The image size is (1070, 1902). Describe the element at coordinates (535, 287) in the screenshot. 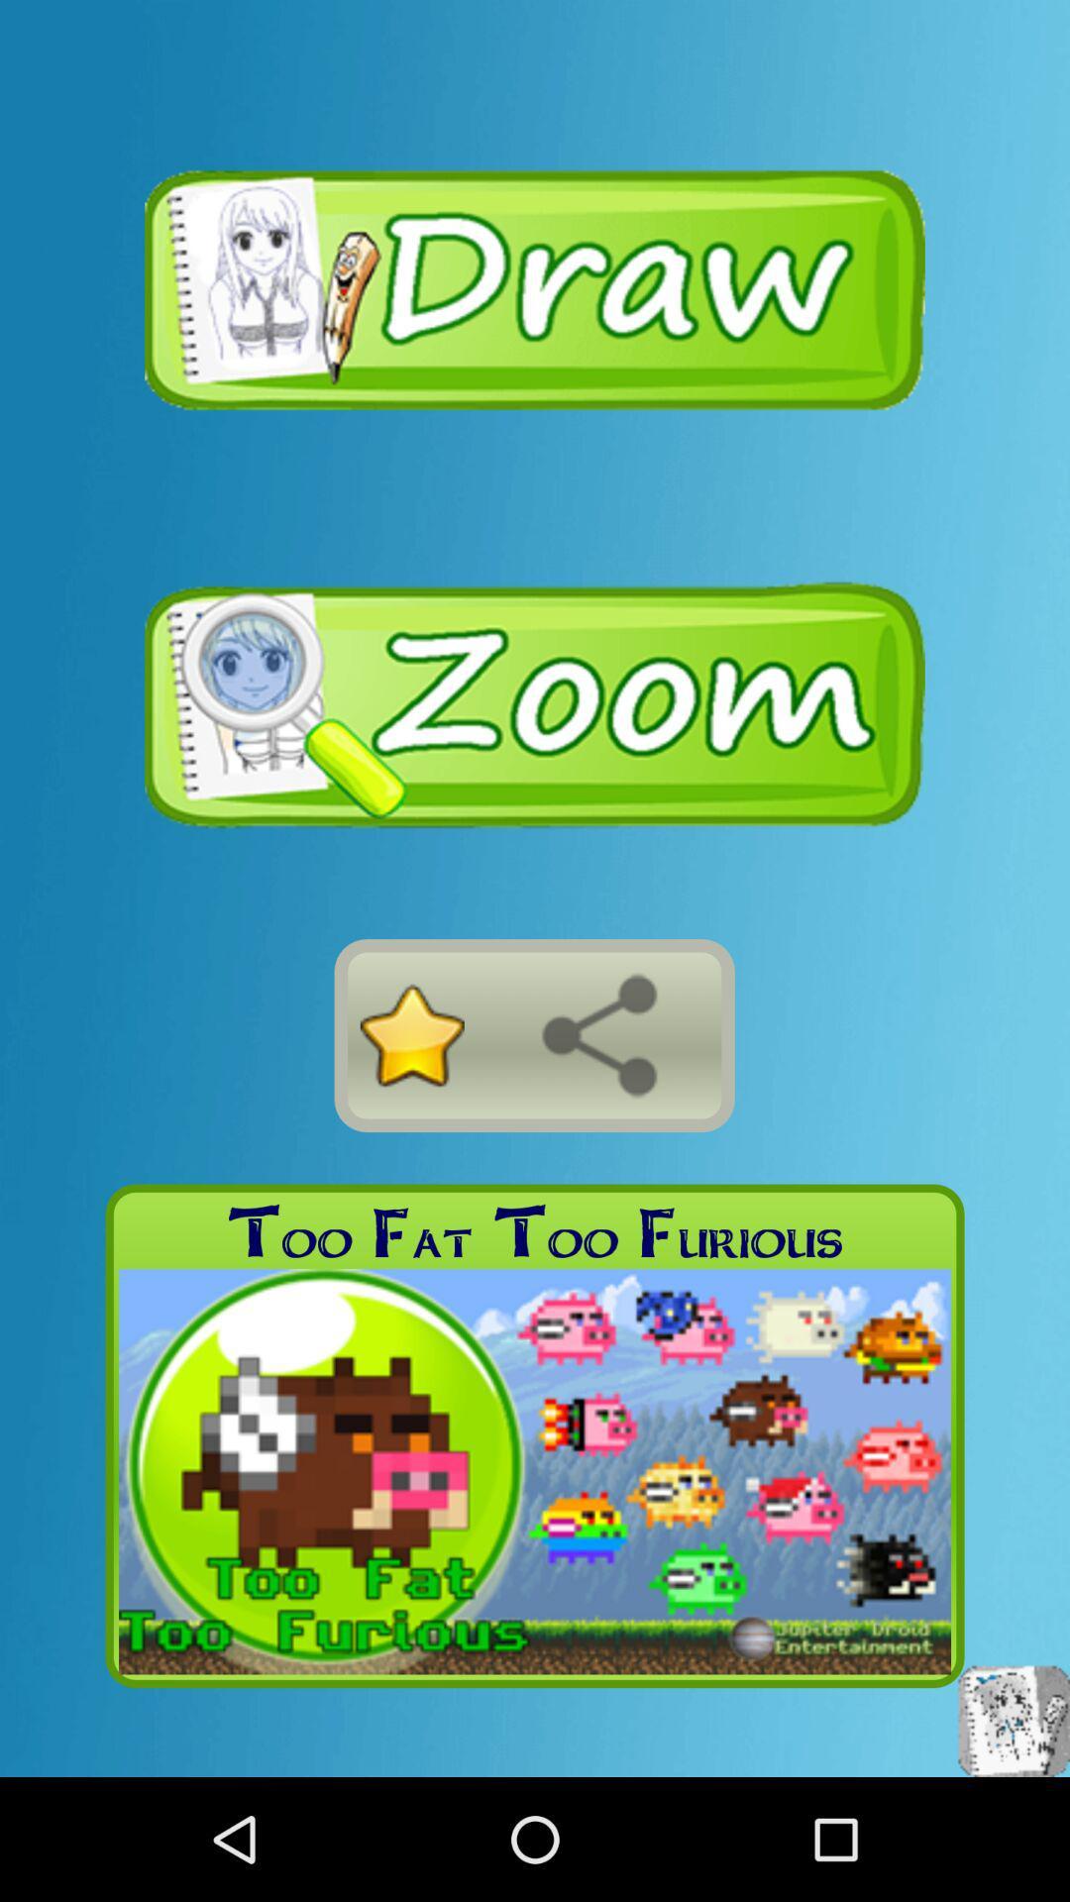

I see `item at the top` at that location.